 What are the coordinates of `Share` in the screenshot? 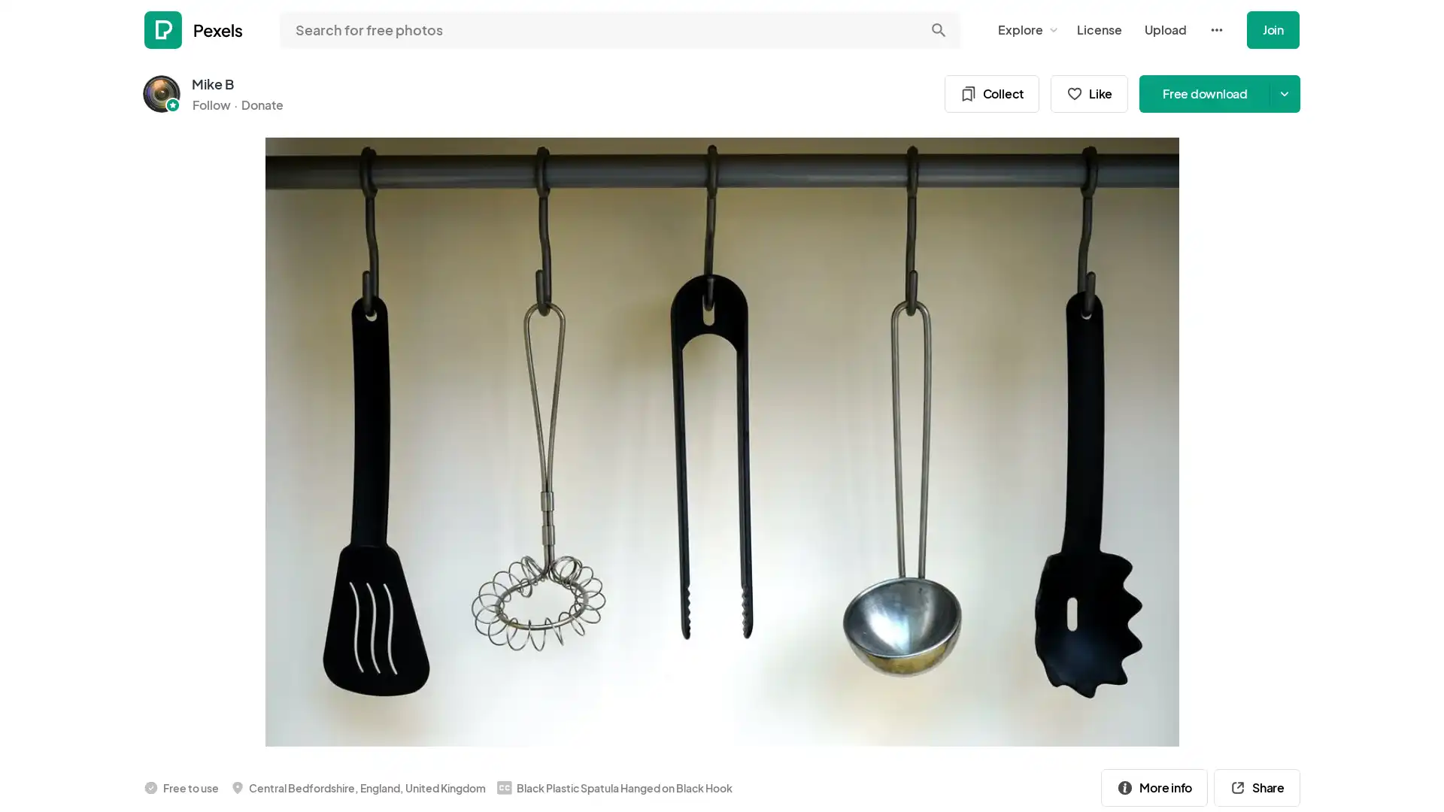 It's located at (1257, 787).